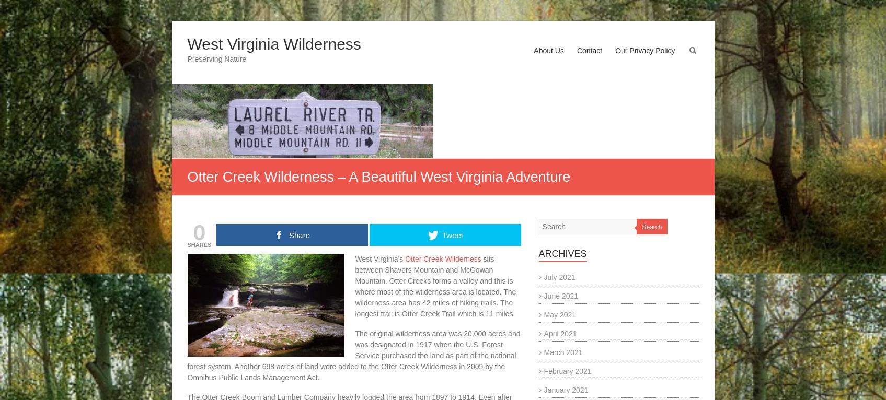 The image size is (886, 400). I want to click on 'The original wilderness area was 20,000 acres and was designated in 1917 when the U.S. Forest Service purchased the land as part of the national forest system. Another 698 acres of land were added to the Otter Creek Wilderness in 2009 by the Omnibus Public Lands Management Act.', so click(353, 355).